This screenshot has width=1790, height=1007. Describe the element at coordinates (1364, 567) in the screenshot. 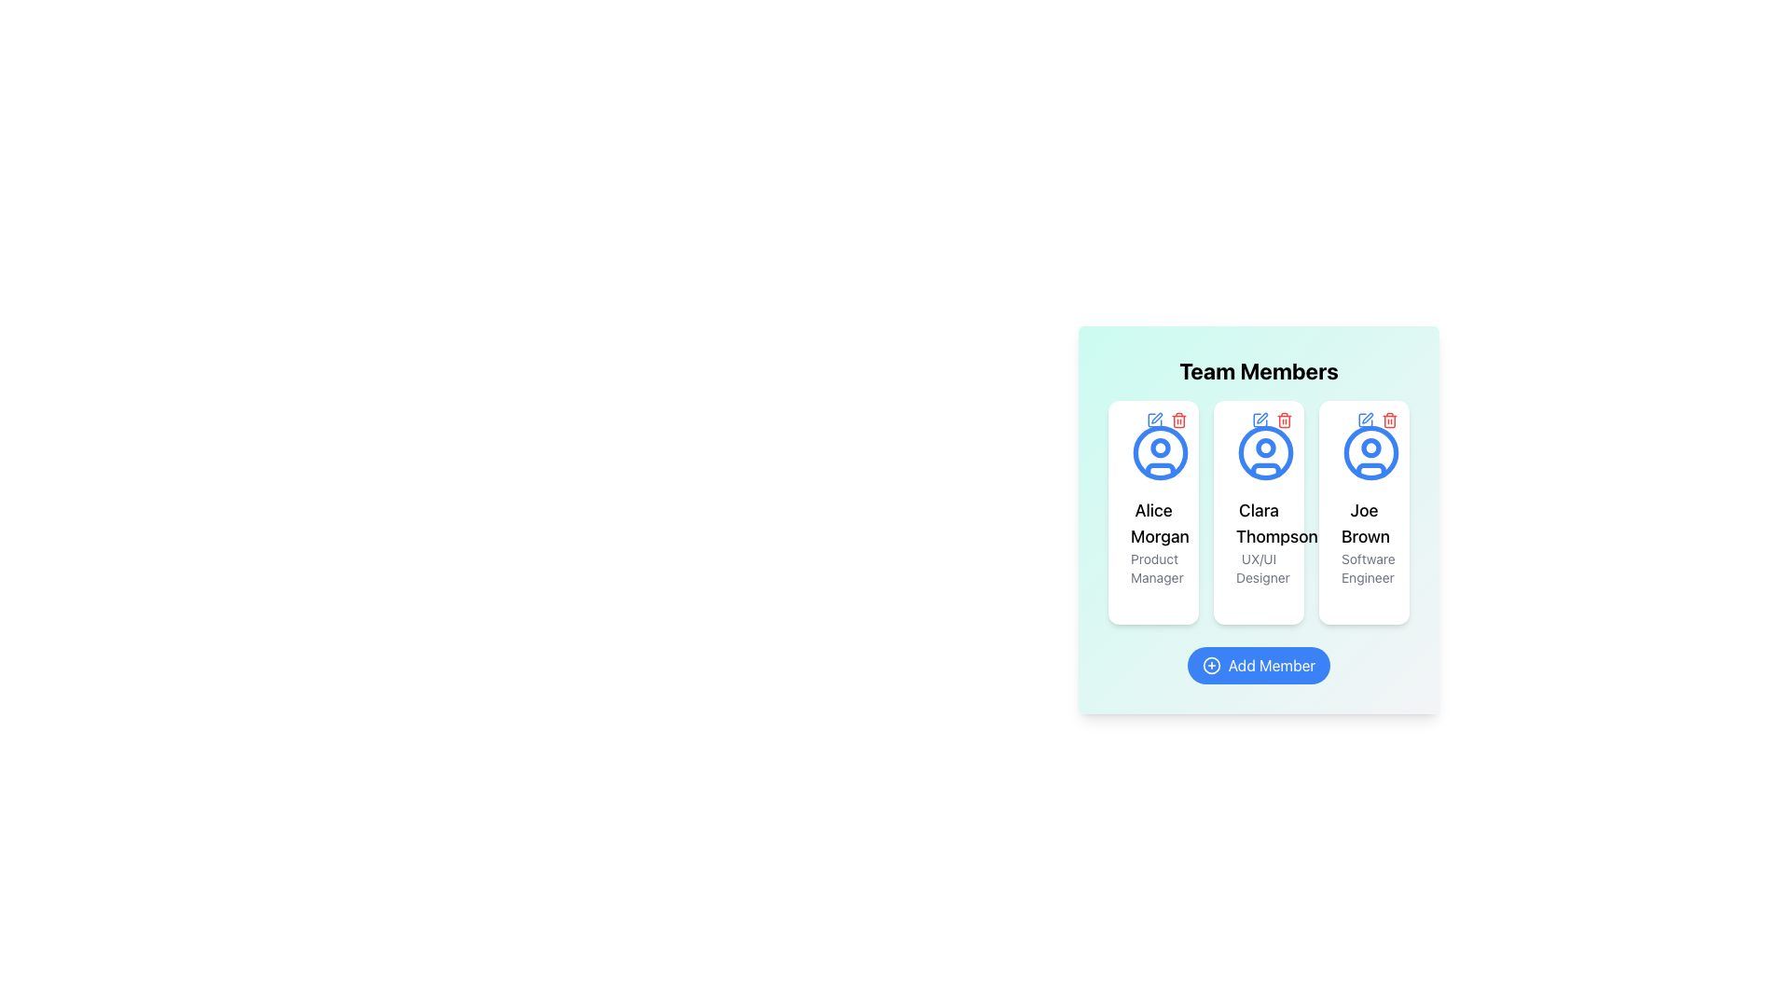

I see `the static text label that reads 'Software Engineer', which is styled in gray and located below the name 'Joe Brown' in the centered card layout` at that location.